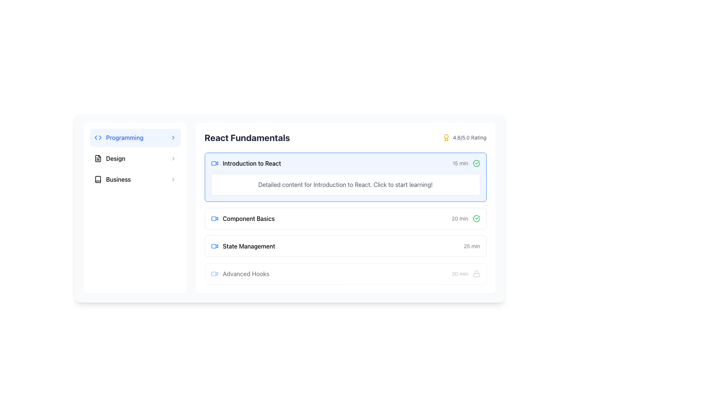  Describe the element at coordinates (249, 246) in the screenshot. I see `the Text Label that serves as a title for the lesson or topic within the 'React Fundamentals' section, which is the third item in a vertical list` at that location.